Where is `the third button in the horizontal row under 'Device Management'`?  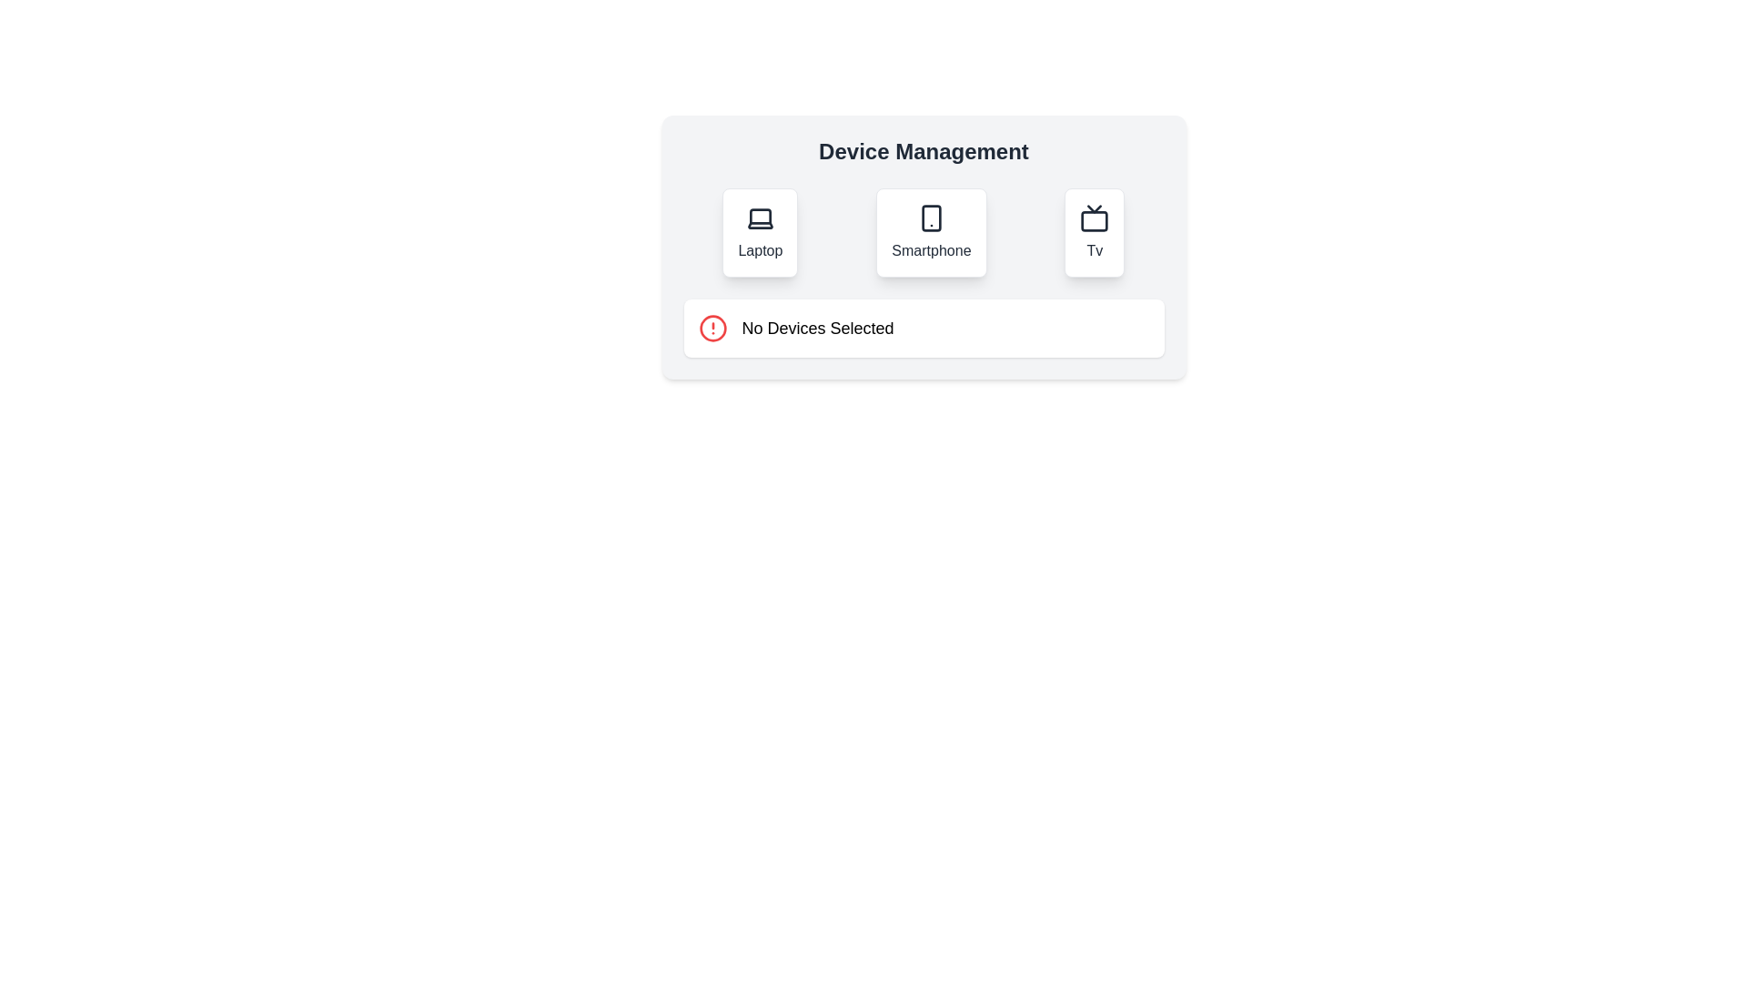
the third button in the horizontal row under 'Device Management' is located at coordinates (1094, 231).